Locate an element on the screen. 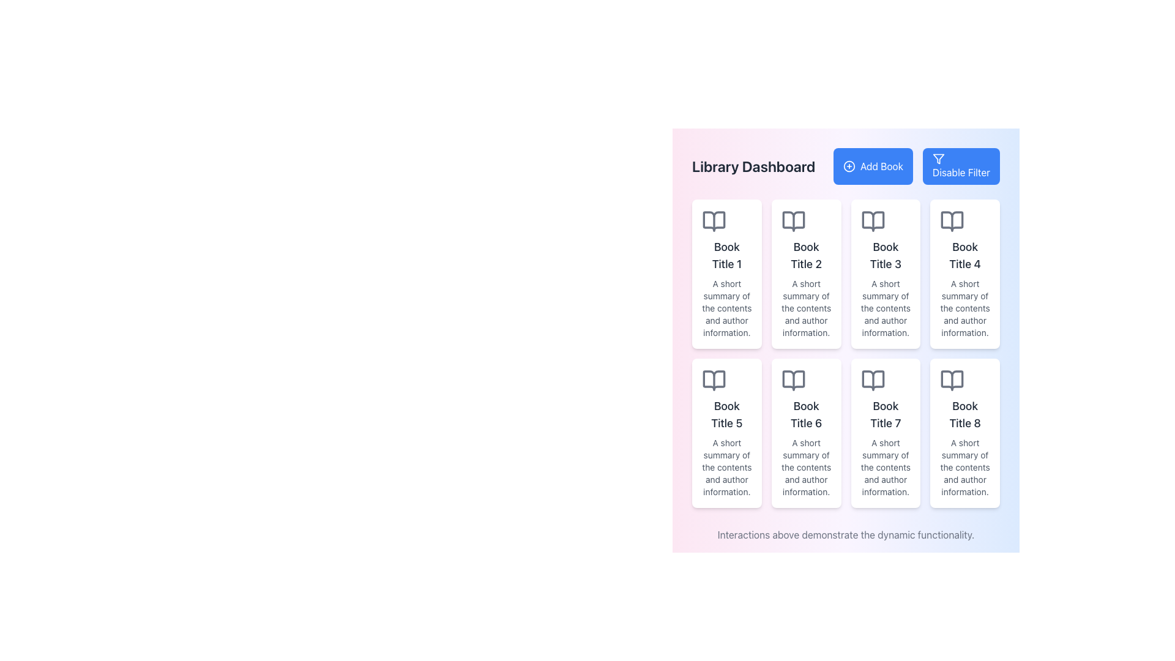 The height and width of the screenshot is (661, 1175). the book icon representing 'Book Title 7' located in the third row and third column of the card-like interface is located at coordinates (872, 379).